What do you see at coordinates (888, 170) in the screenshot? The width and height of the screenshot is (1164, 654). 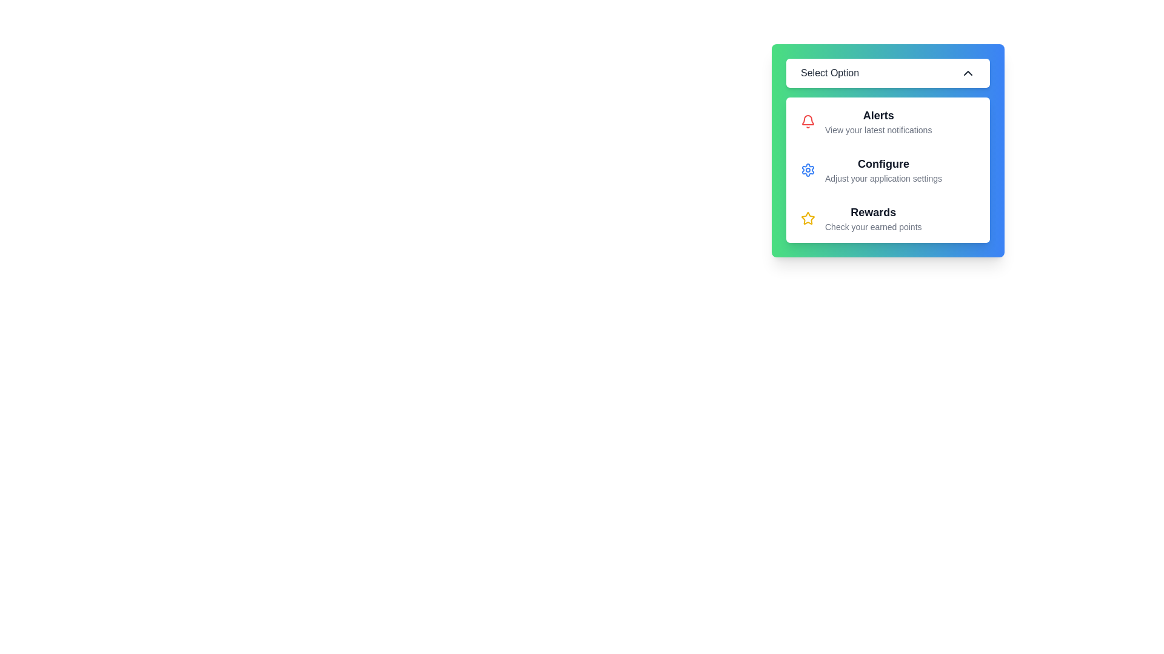 I see `the second item in the dropdown menu that represents a configuration option, which is located below the 'Alerts' option and above the 'Rewards' option` at bounding box center [888, 170].